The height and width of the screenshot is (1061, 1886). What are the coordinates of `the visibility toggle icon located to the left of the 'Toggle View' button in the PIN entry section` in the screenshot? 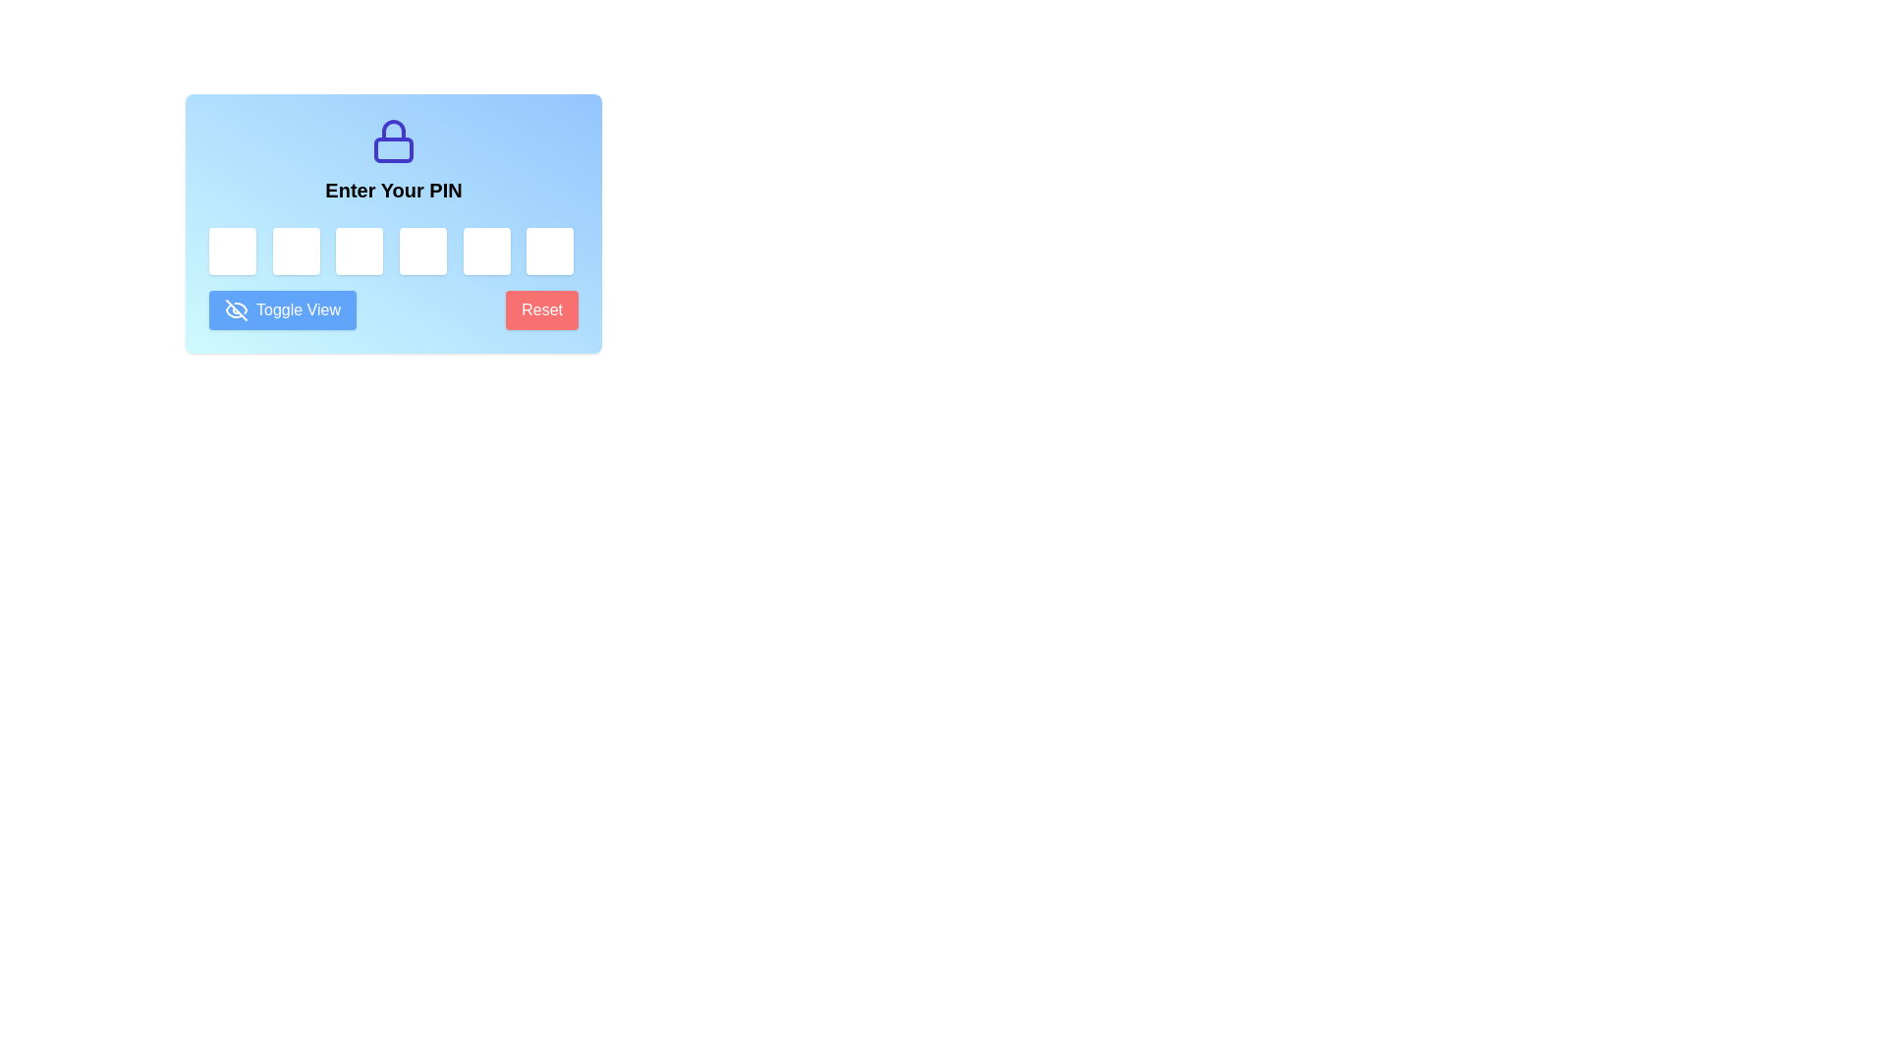 It's located at (236, 309).